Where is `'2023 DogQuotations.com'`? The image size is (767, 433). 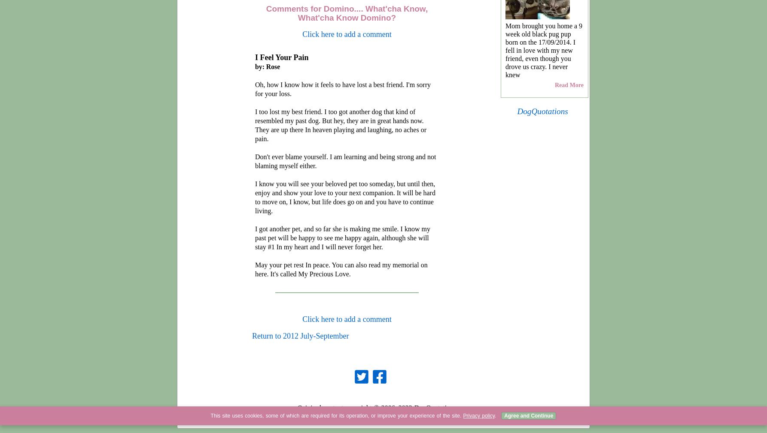
'2023 DogQuotations.com' is located at coordinates (434, 408).